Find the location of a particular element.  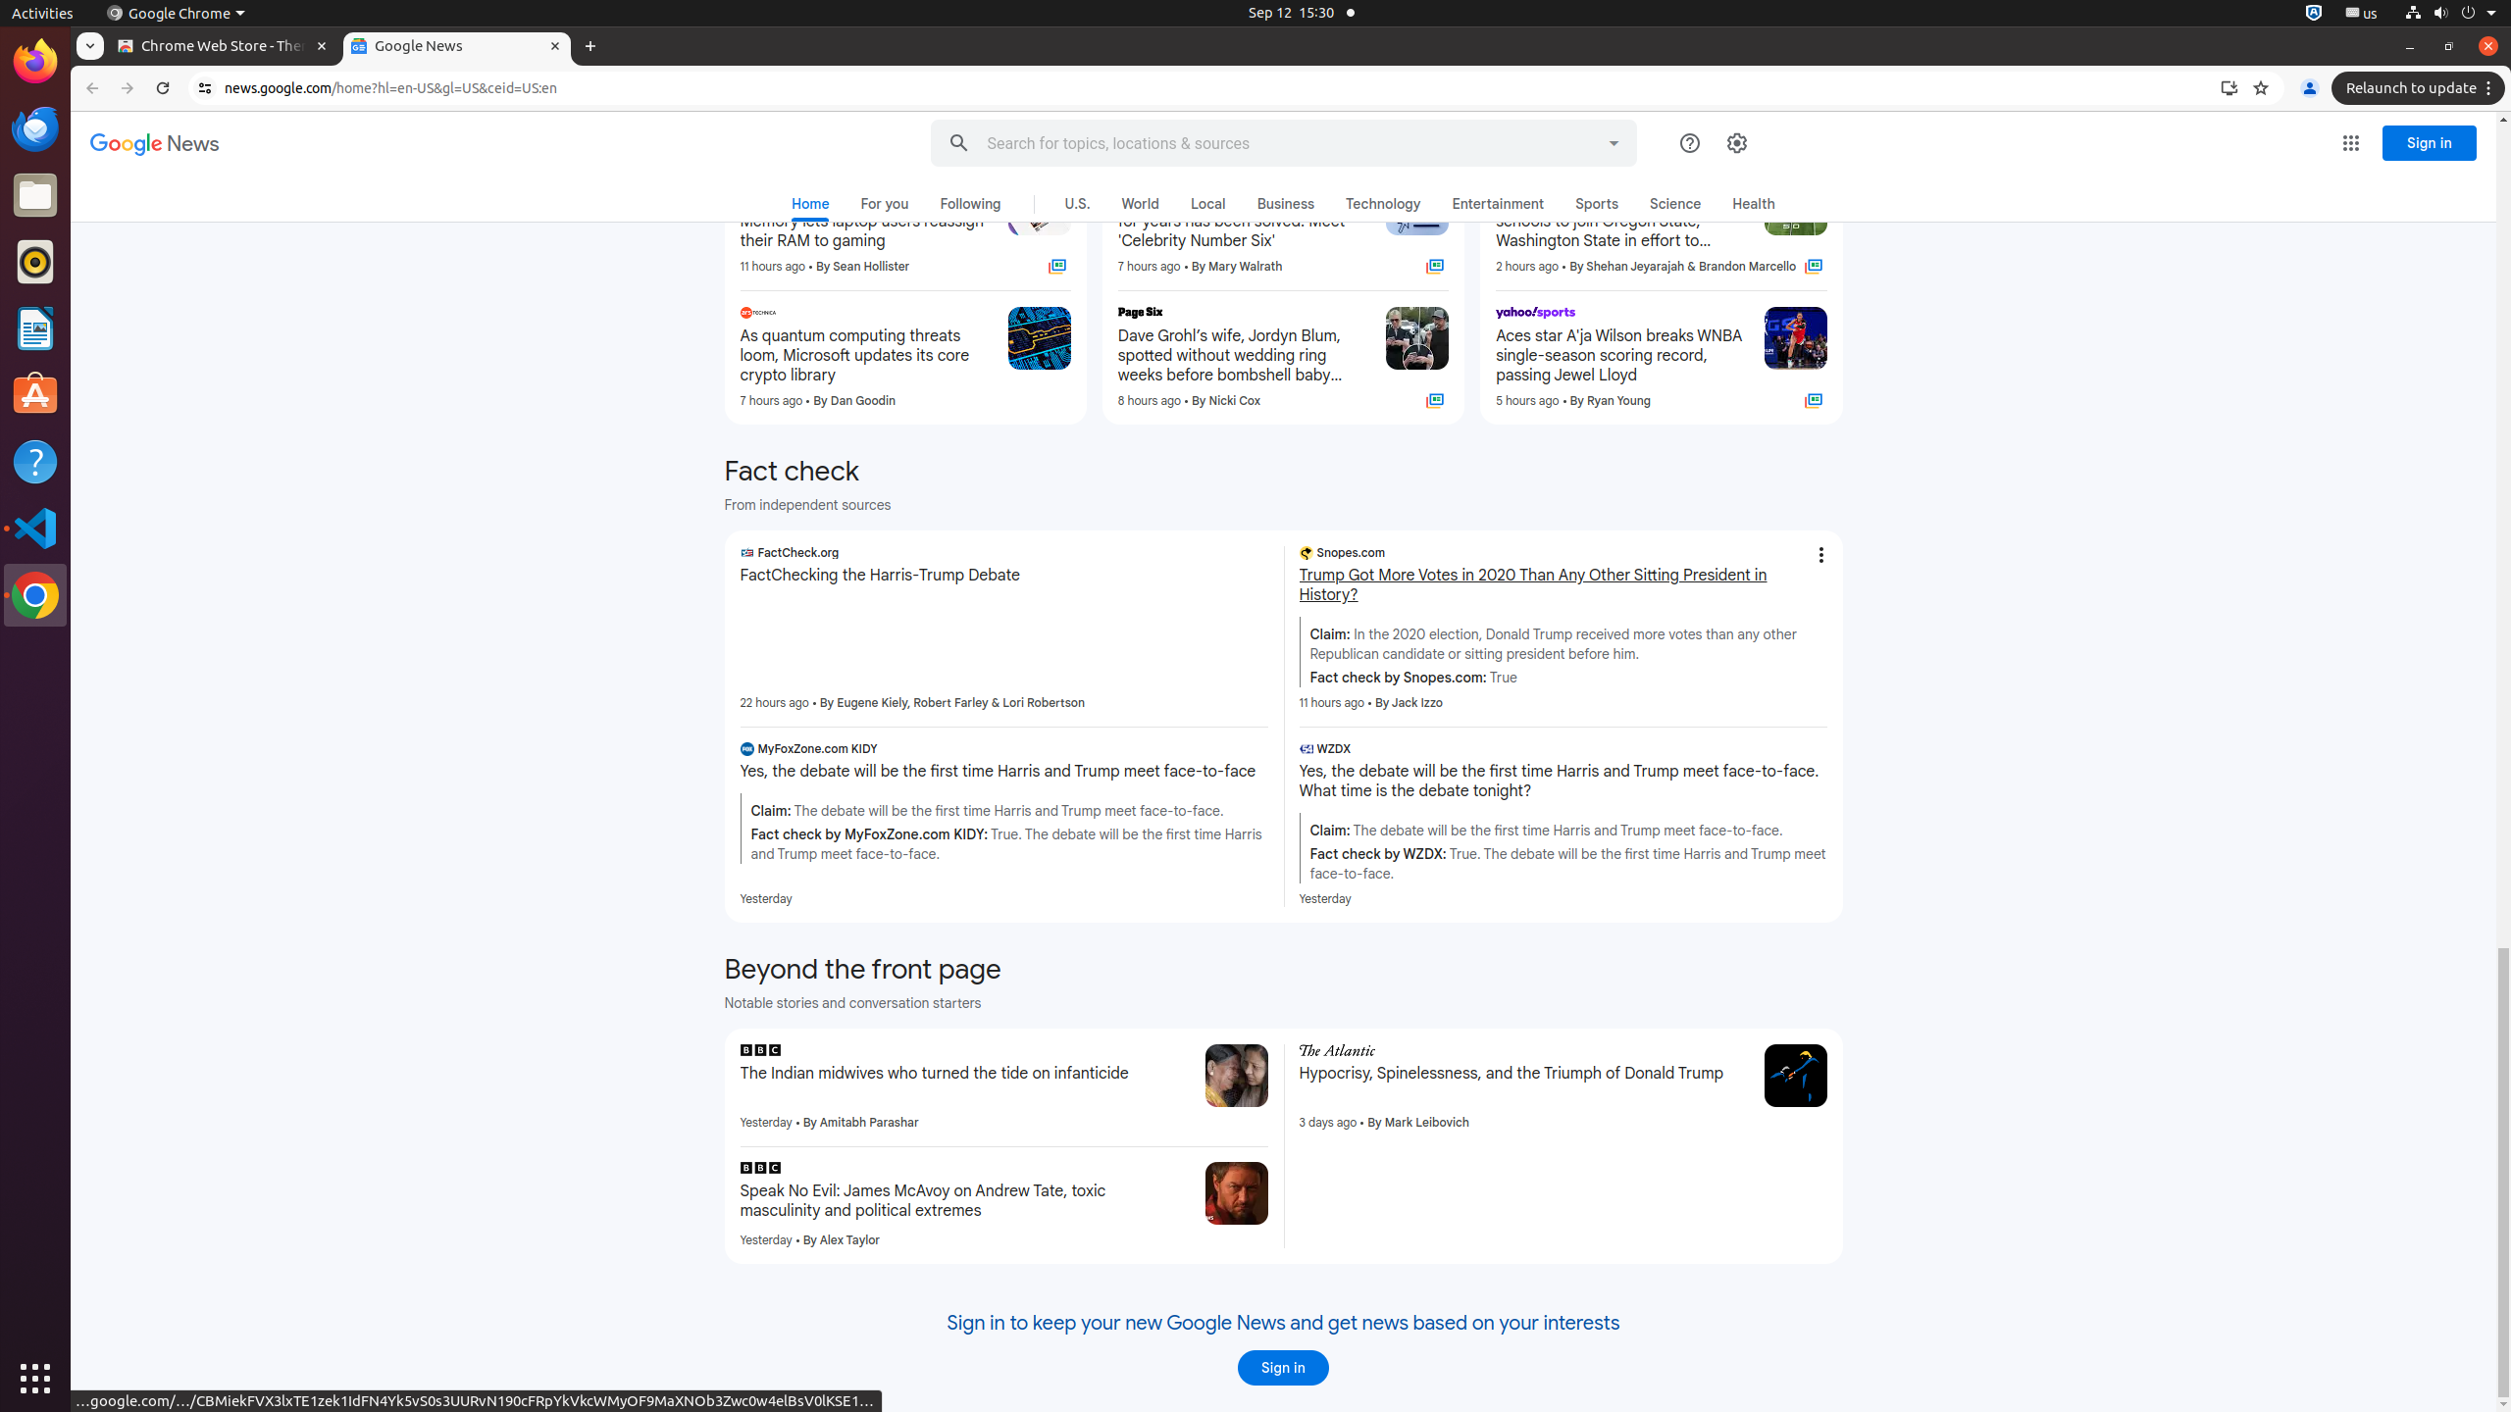

'As quantum computing threats loom, Microsoft updates its core crypto library' is located at coordinates (864, 356).